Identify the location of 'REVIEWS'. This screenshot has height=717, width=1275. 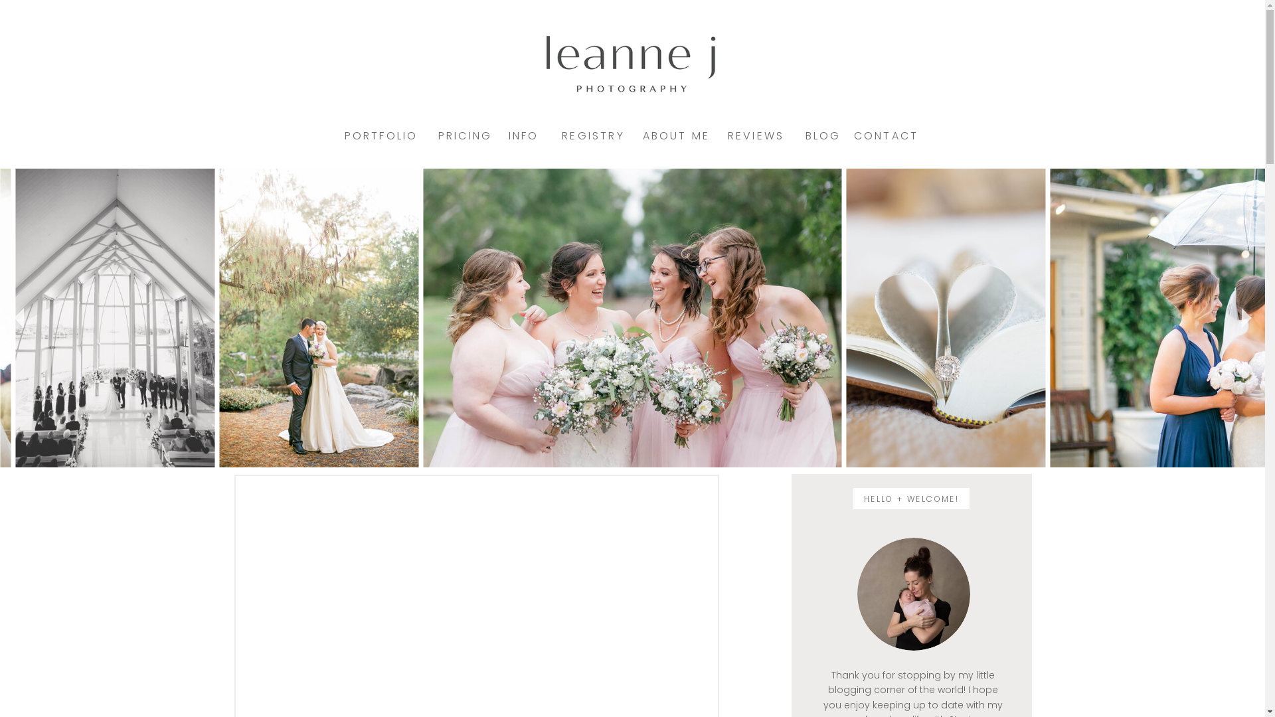
(755, 135).